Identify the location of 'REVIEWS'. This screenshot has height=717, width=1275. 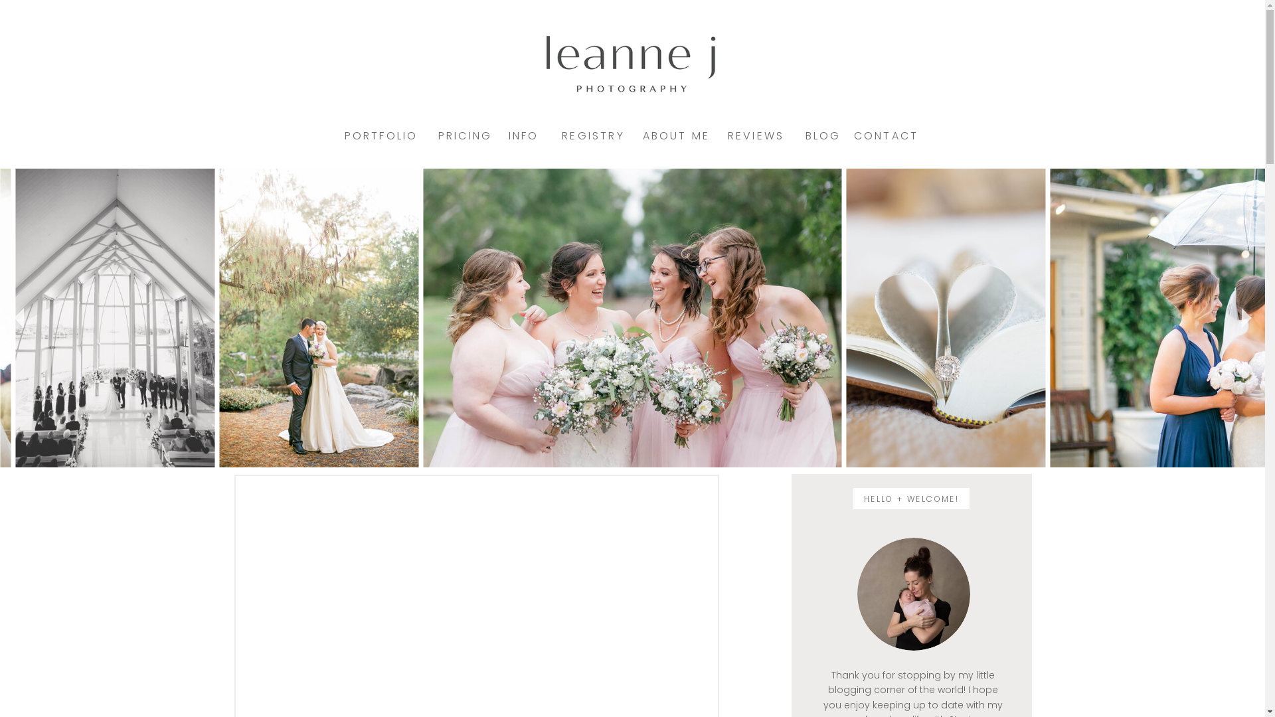
(755, 135).